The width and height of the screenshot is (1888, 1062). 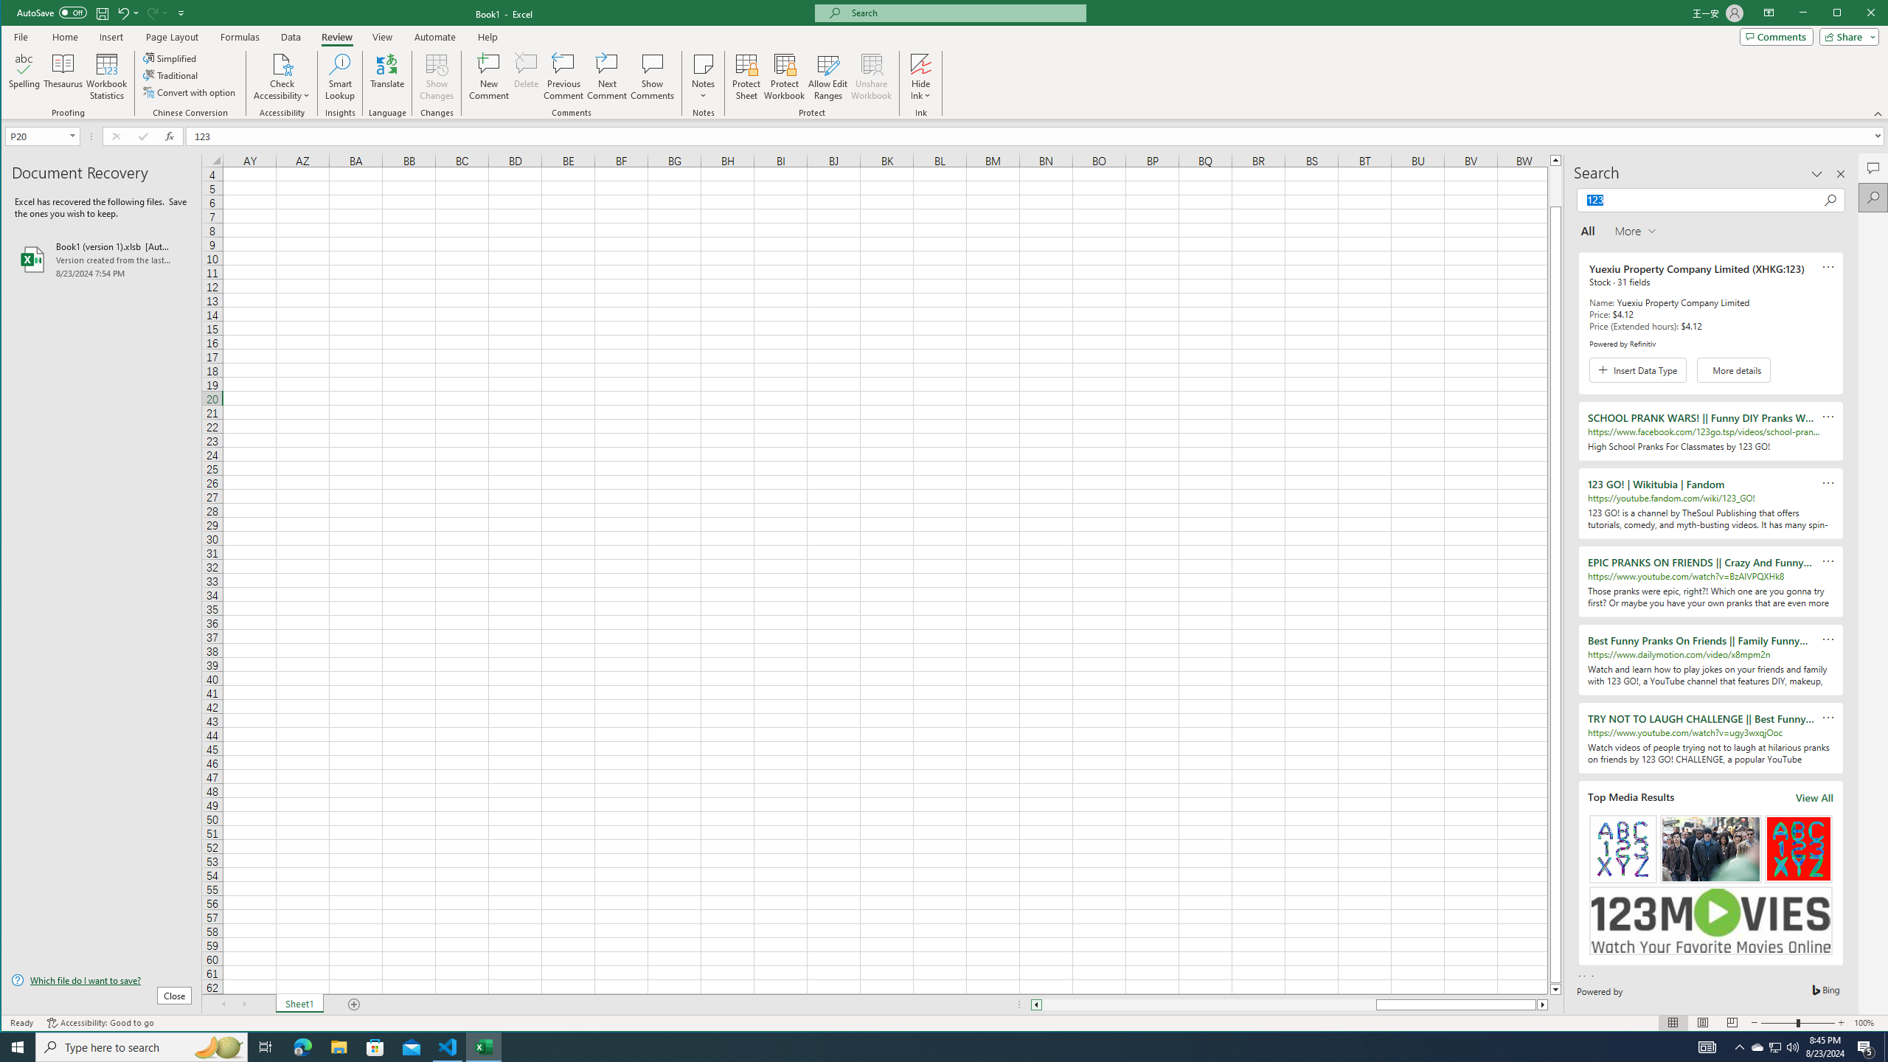 I want to click on 'Share', so click(x=1845, y=36).